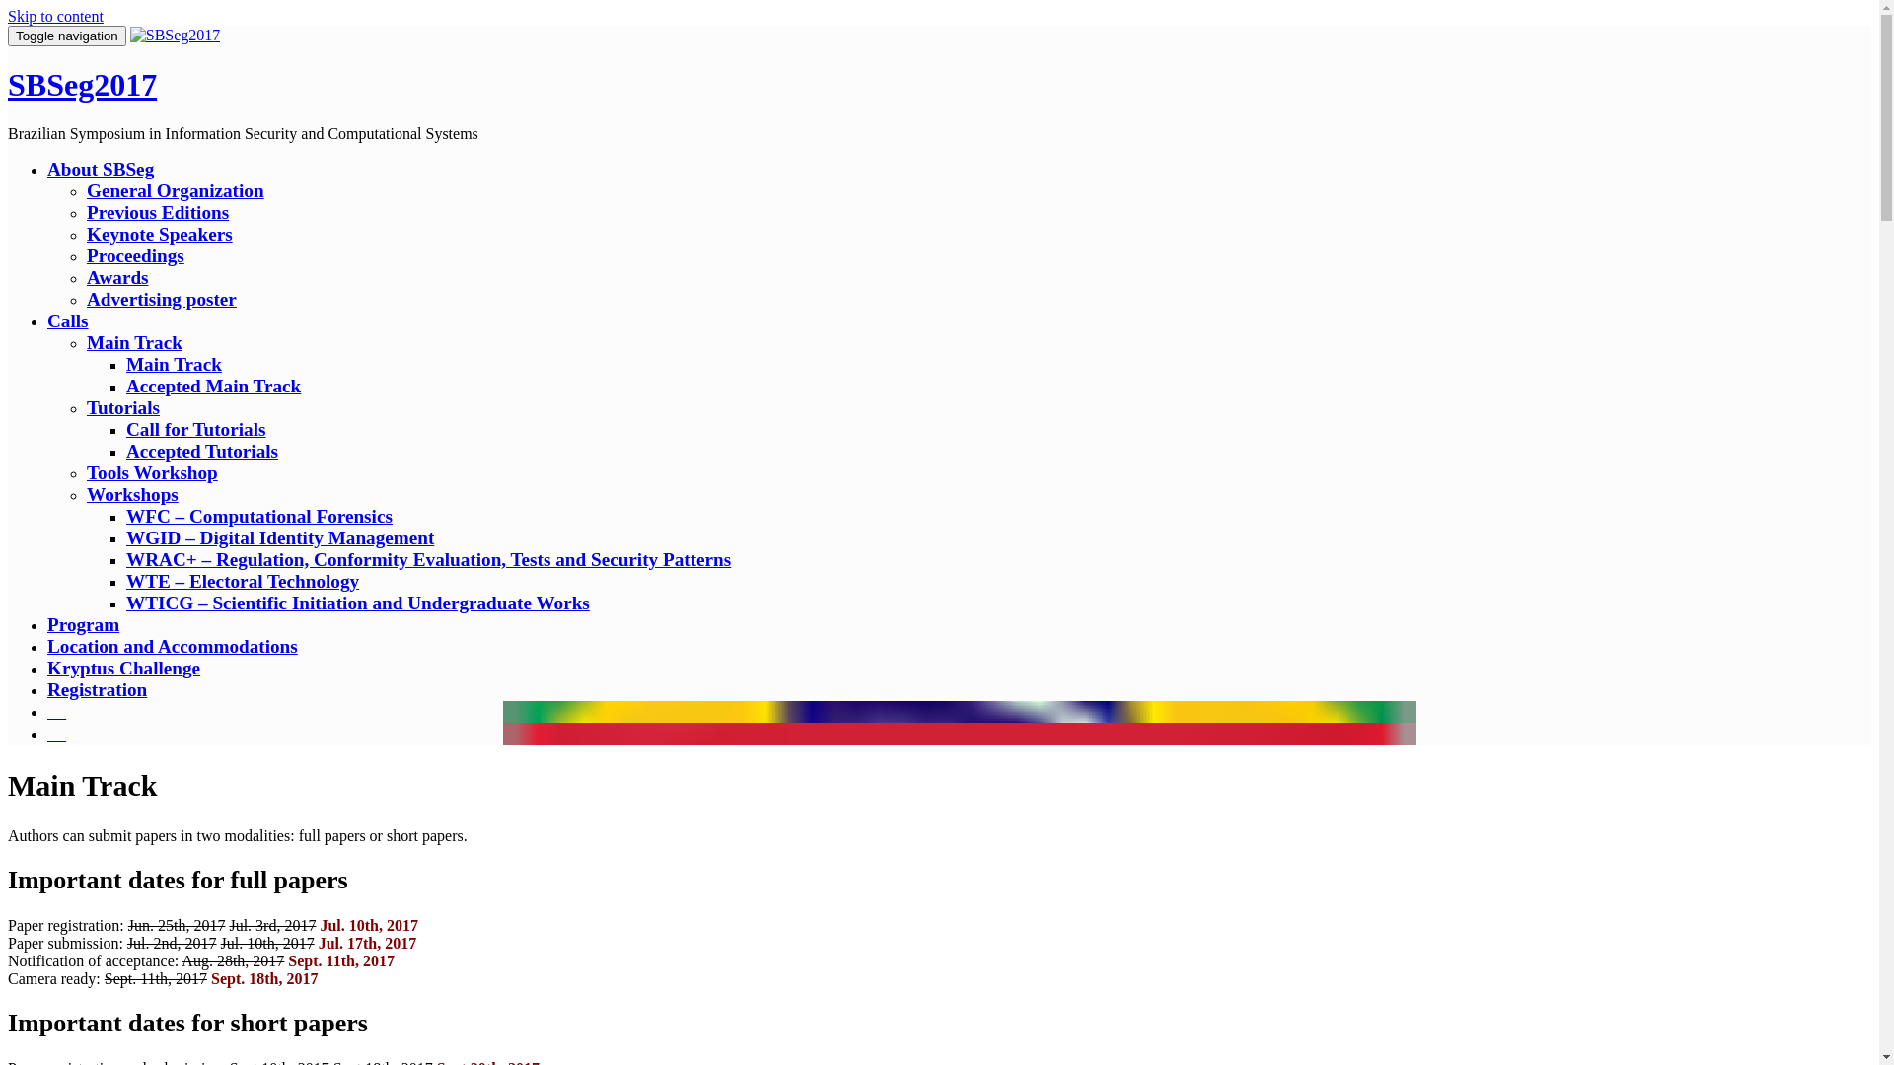 The image size is (1894, 1065). I want to click on 'Accepted Main Track', so click(213, 386).